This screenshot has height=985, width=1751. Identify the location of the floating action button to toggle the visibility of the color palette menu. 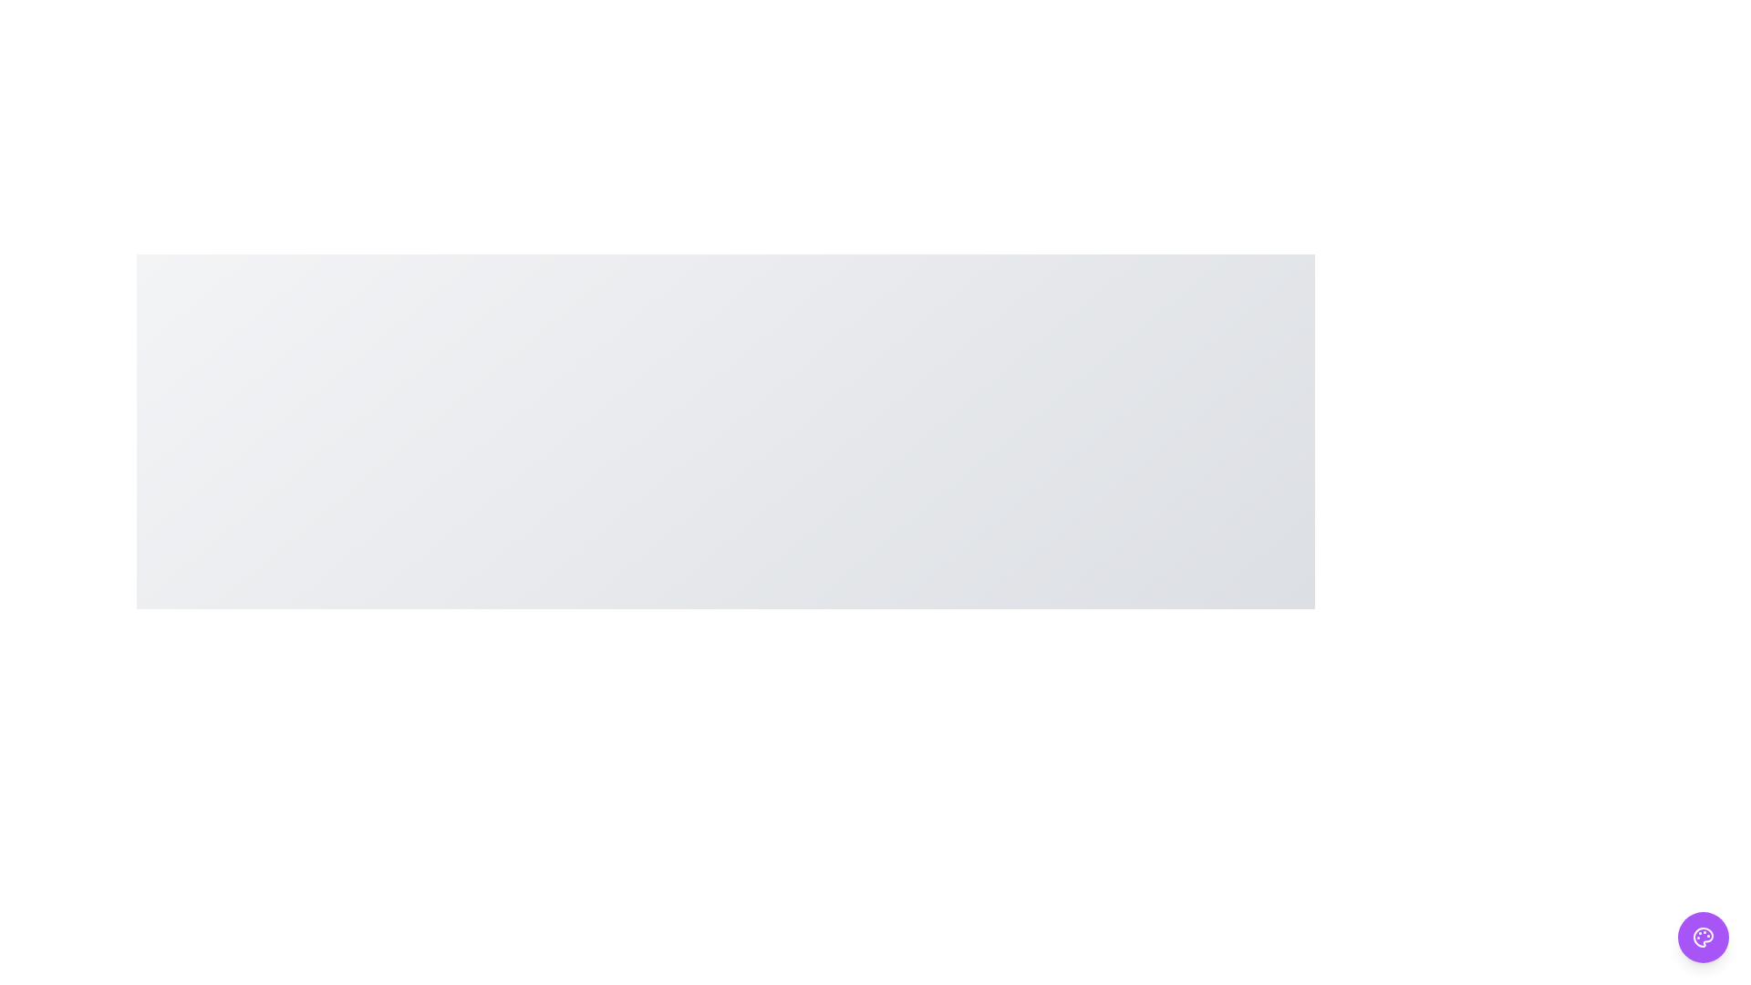
(1702, 938).